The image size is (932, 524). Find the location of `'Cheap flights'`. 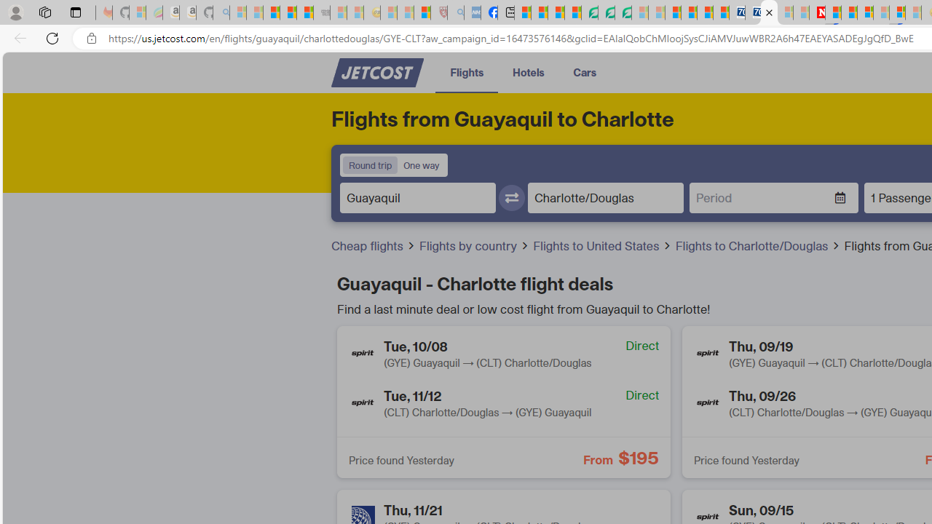

'Cheap flights' is located at coordinates (368, 245).